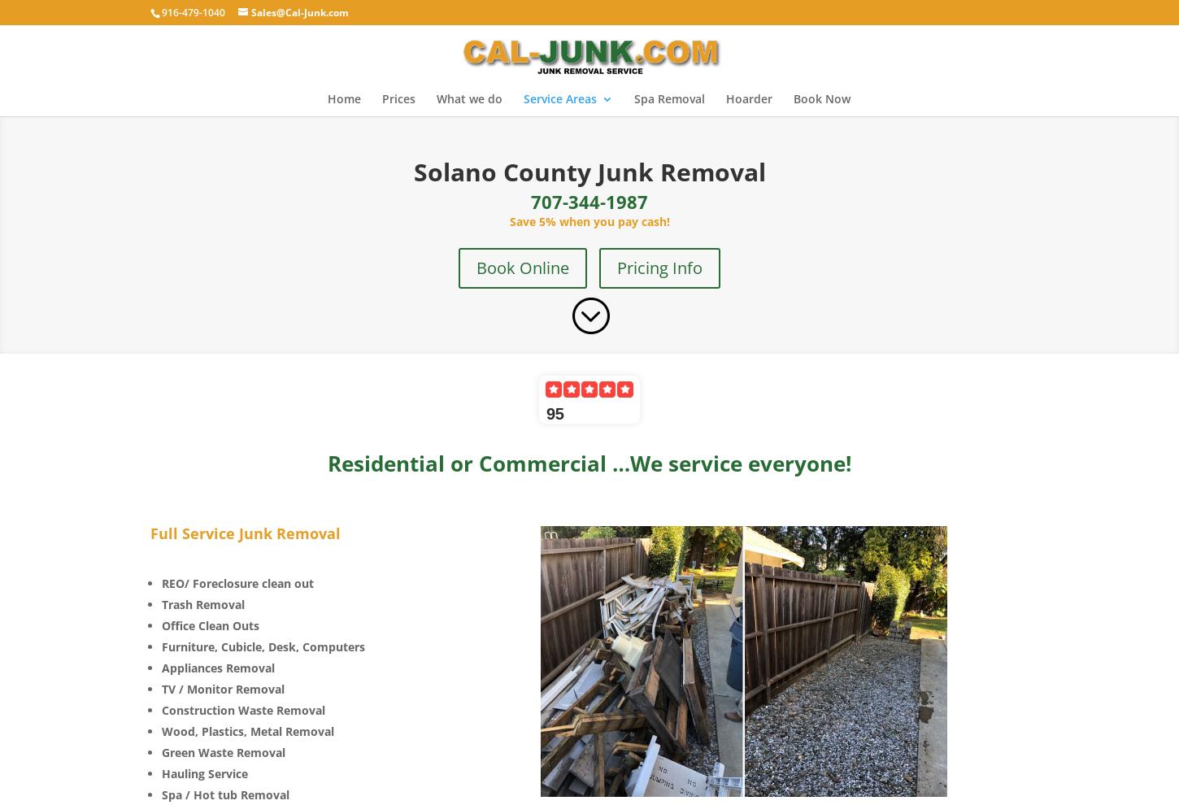  Describe the element at coordinates (223, 688) in the screenshot. I see `'TV / Monitor Removal'` at that location.